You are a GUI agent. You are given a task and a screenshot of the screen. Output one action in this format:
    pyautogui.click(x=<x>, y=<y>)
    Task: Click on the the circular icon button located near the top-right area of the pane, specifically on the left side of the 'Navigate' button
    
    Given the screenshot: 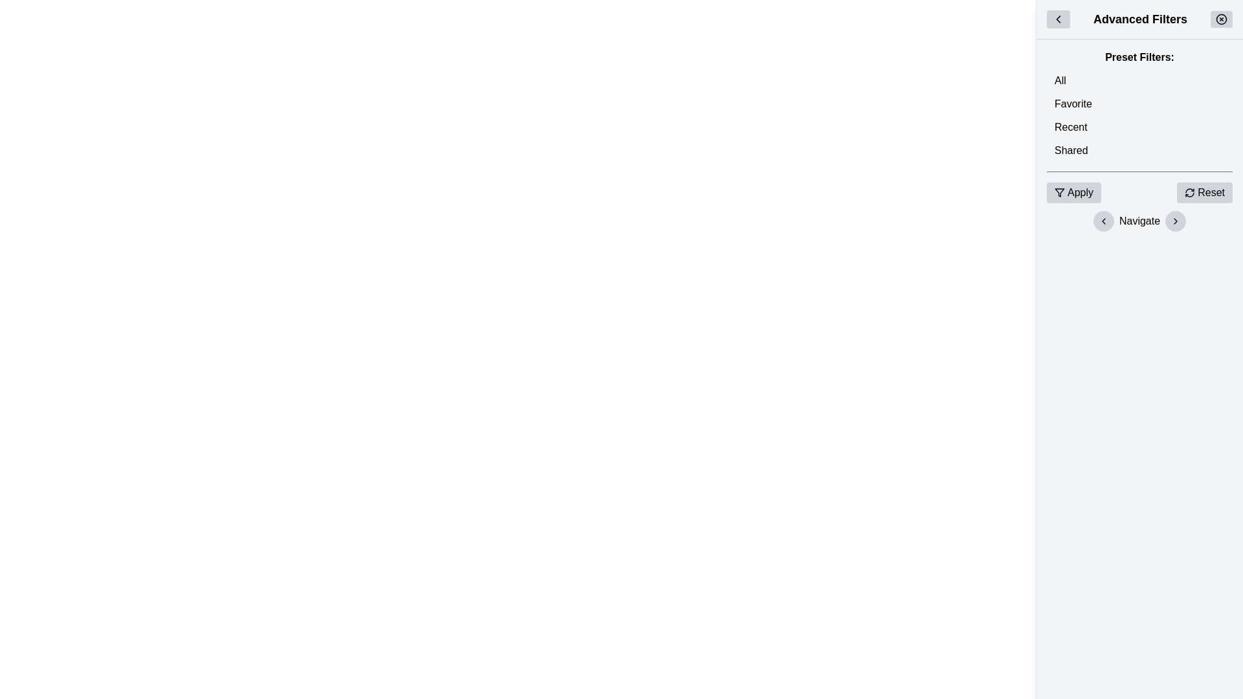 What is the action you would take?
    pyautogui.click(x=1103, y=221)
    